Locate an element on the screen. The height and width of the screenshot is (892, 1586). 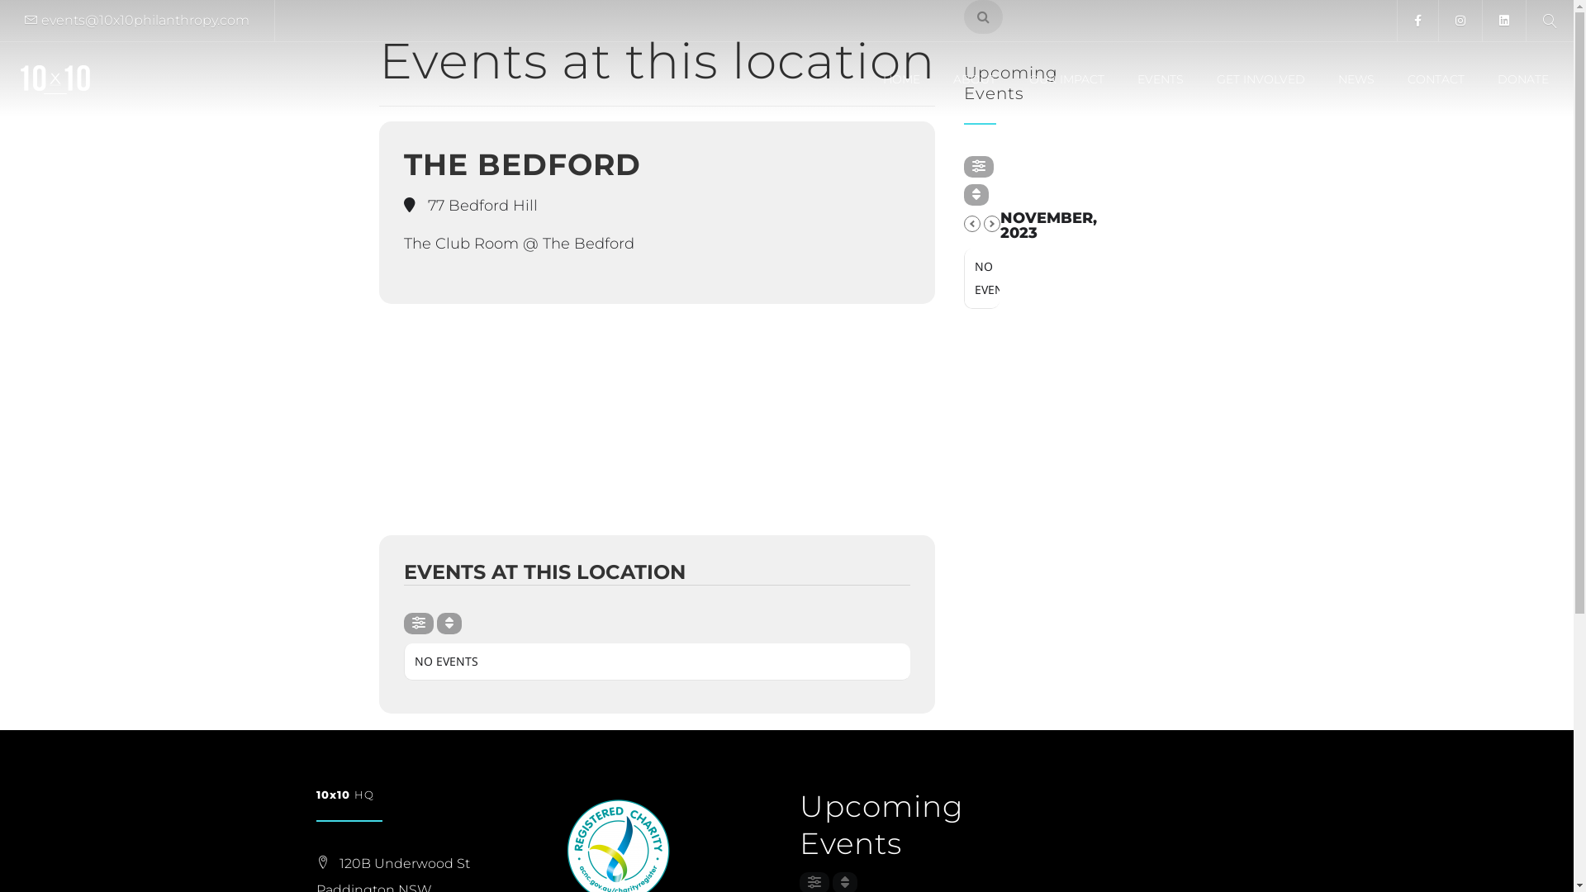
'HOME' is located at coordinates (896, 79).